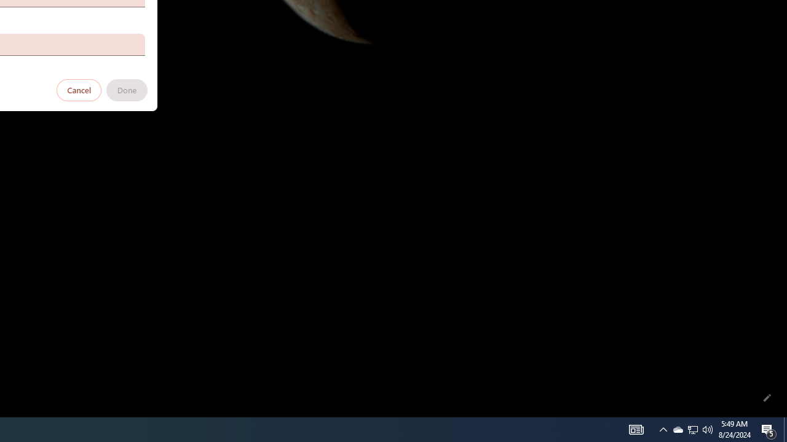  I want to click on 'User Promoted Notification Area', so click(677, 428).